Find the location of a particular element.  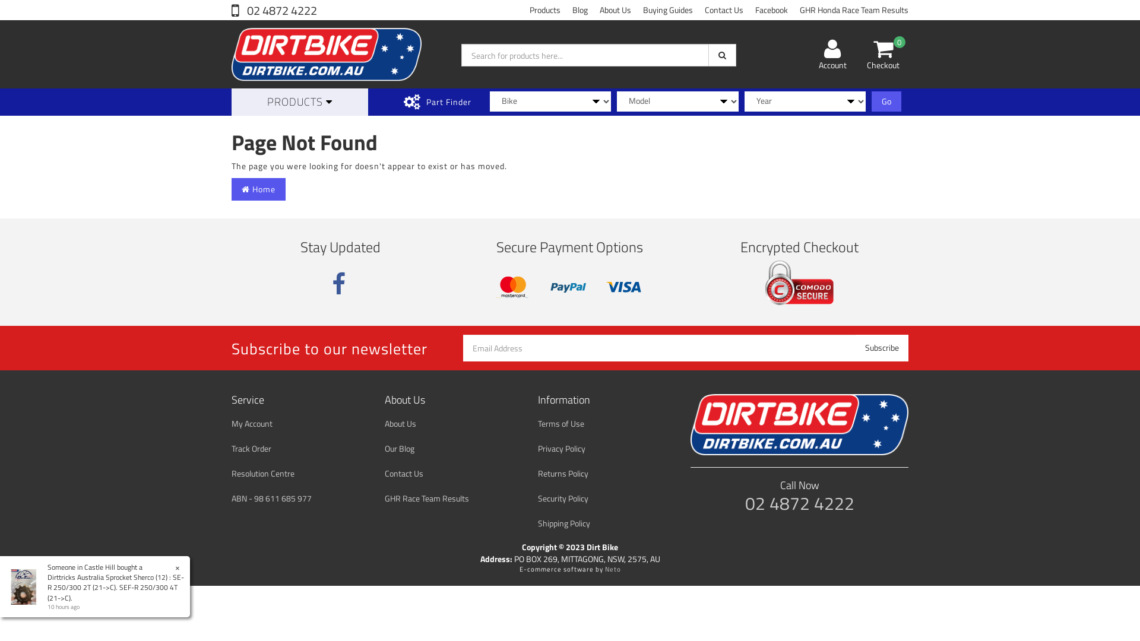

'Terms of Use' is located at coordinates (604, 423).